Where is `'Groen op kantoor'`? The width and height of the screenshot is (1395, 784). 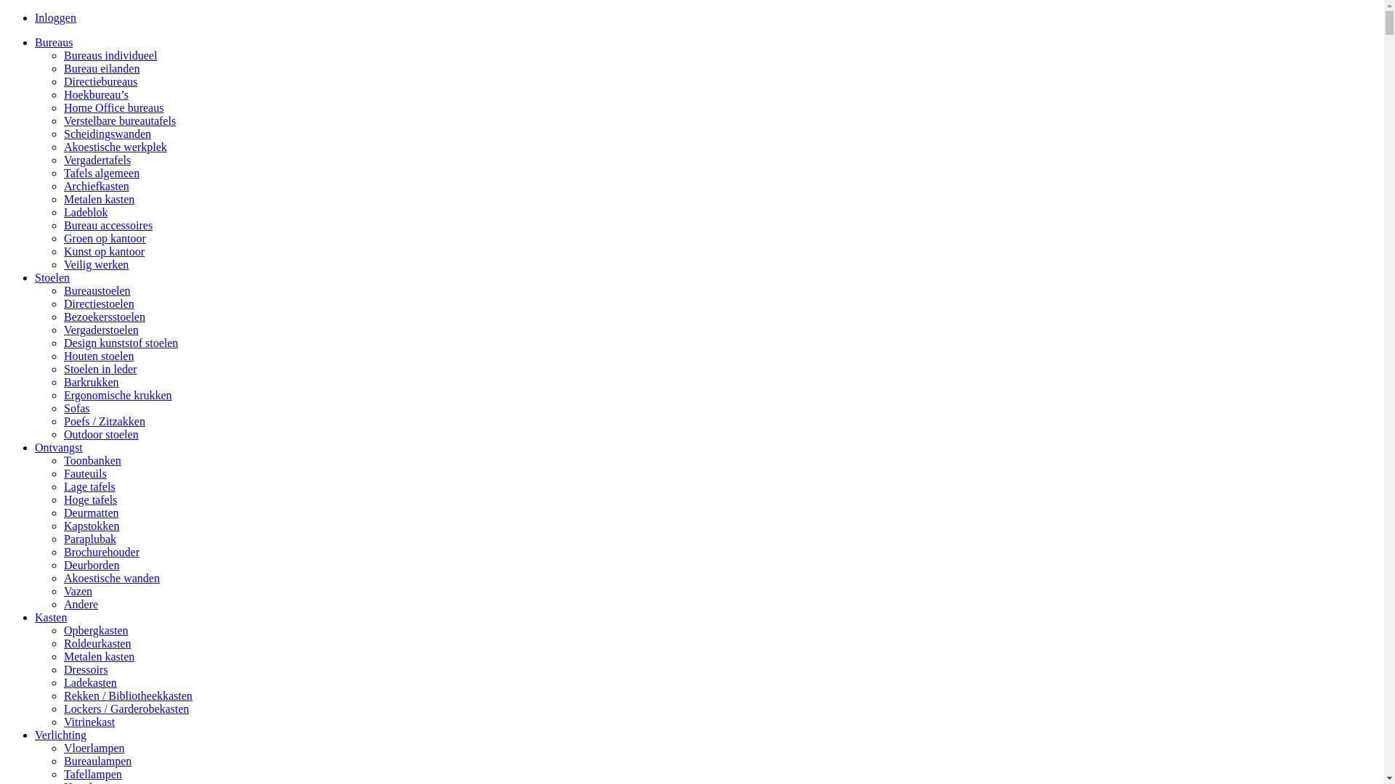
'Groen op kantoor' is located at coordinates (104, 237).